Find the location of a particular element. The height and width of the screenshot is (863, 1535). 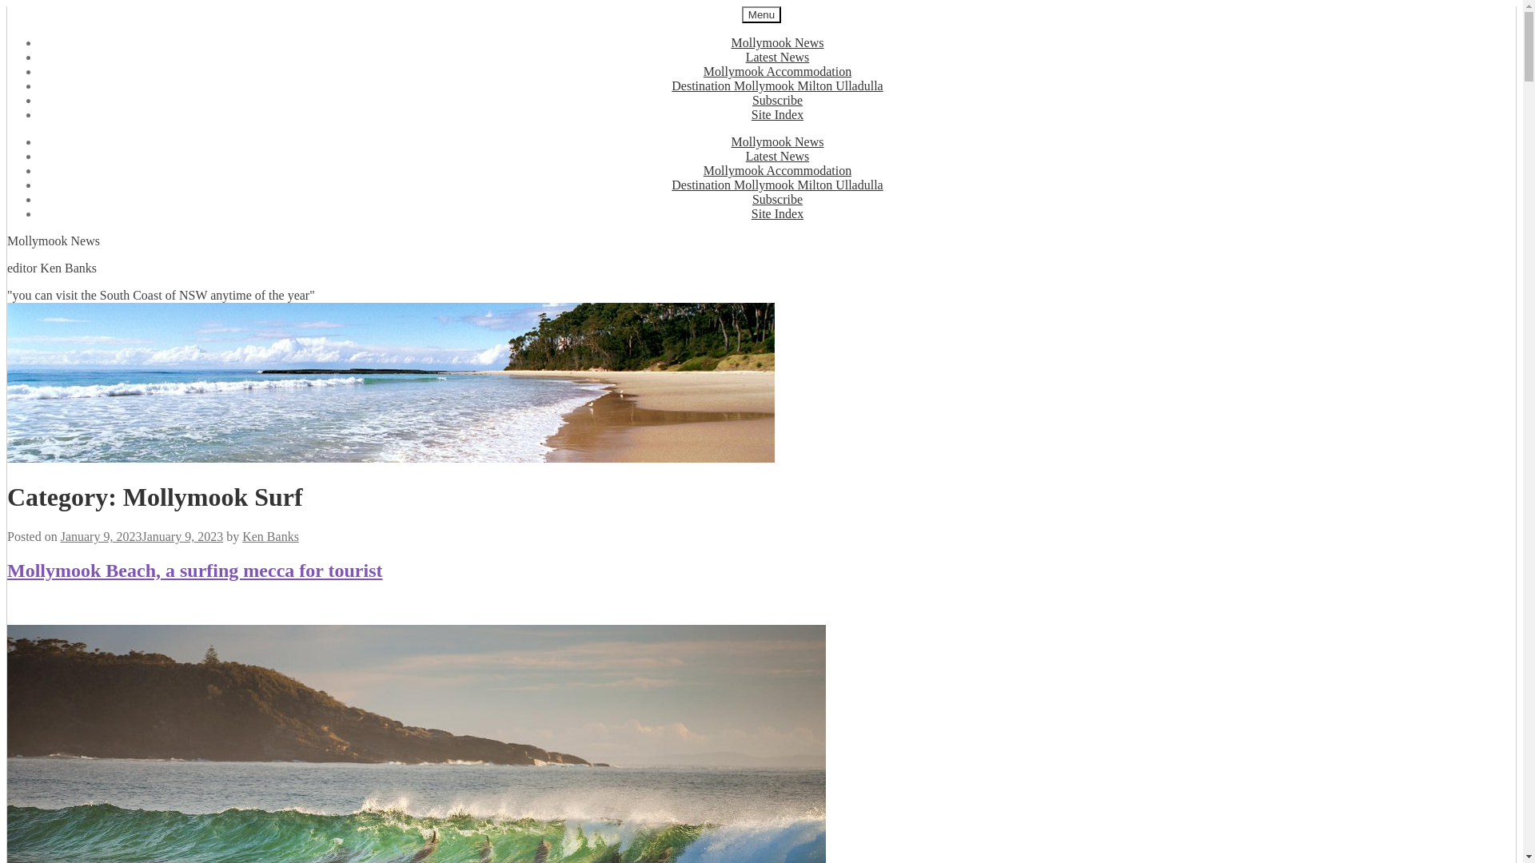

'Site Index' is located at coordinates (777, 113).